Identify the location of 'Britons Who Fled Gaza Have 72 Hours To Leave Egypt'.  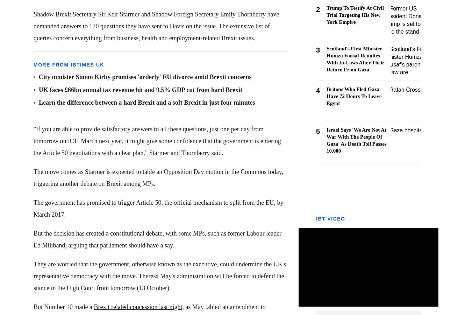
(353, 96).